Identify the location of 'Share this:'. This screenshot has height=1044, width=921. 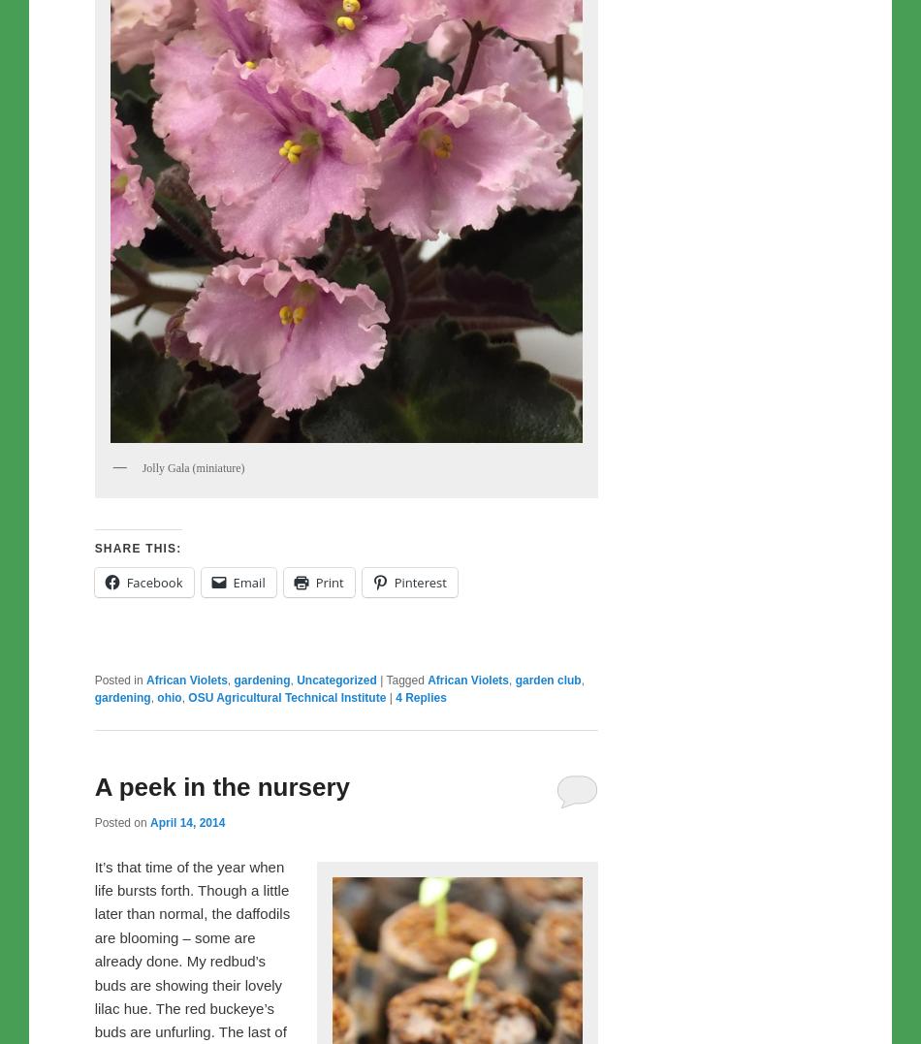
(138, 548).